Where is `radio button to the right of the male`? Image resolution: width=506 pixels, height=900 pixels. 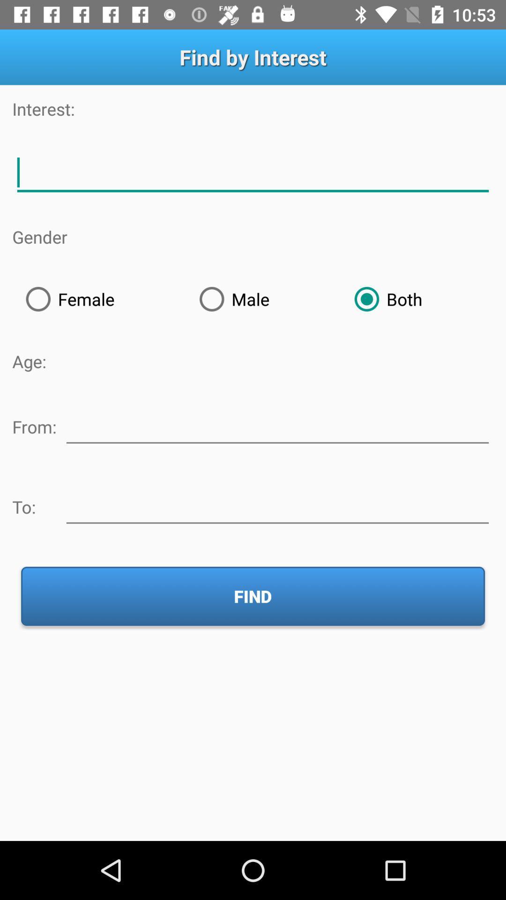
radio button to the right of the male is located at coordinates (417, 299).